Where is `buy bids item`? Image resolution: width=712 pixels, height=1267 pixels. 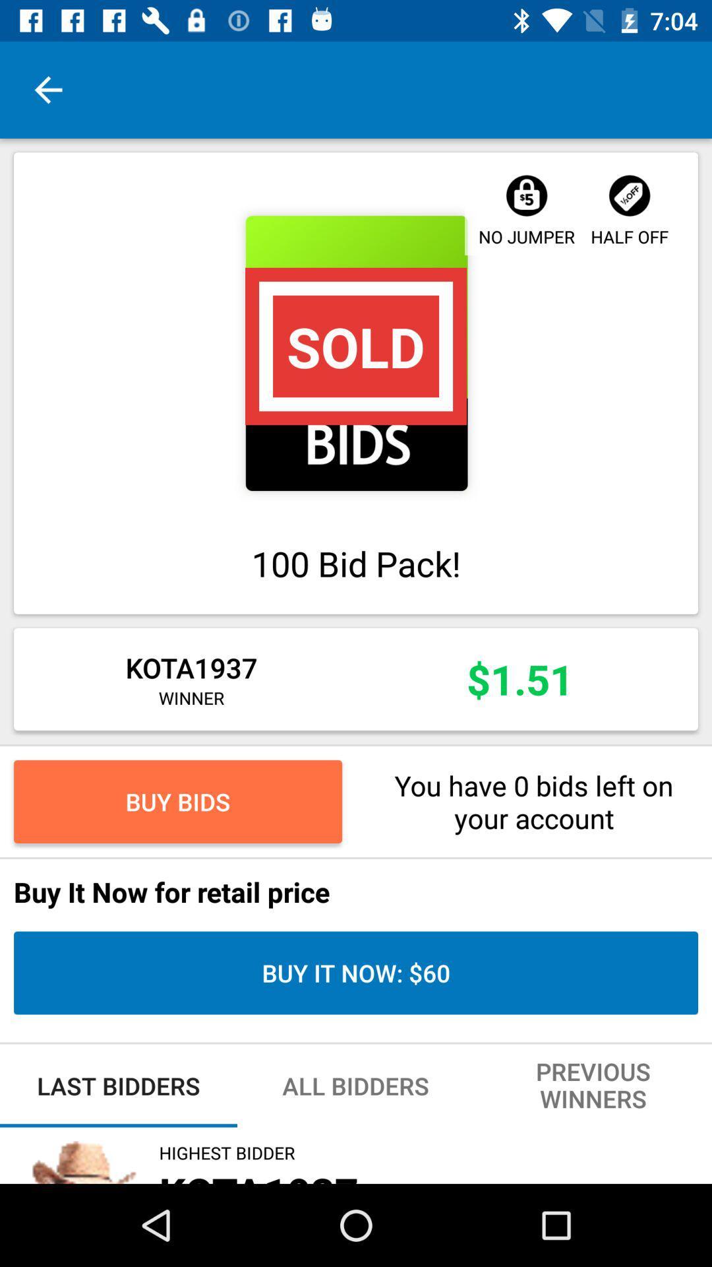
buy bids item is located at coordinates (178, 800).